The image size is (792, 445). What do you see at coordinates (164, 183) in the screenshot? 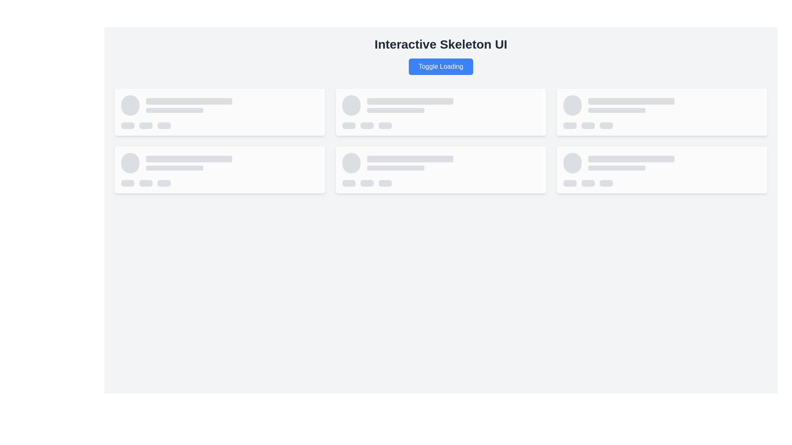
I see `the disabled button, which is the third button in a horizontal group of three buttons located near the bottom of the card in the second row of the layout` at bounding box center [164, 183].